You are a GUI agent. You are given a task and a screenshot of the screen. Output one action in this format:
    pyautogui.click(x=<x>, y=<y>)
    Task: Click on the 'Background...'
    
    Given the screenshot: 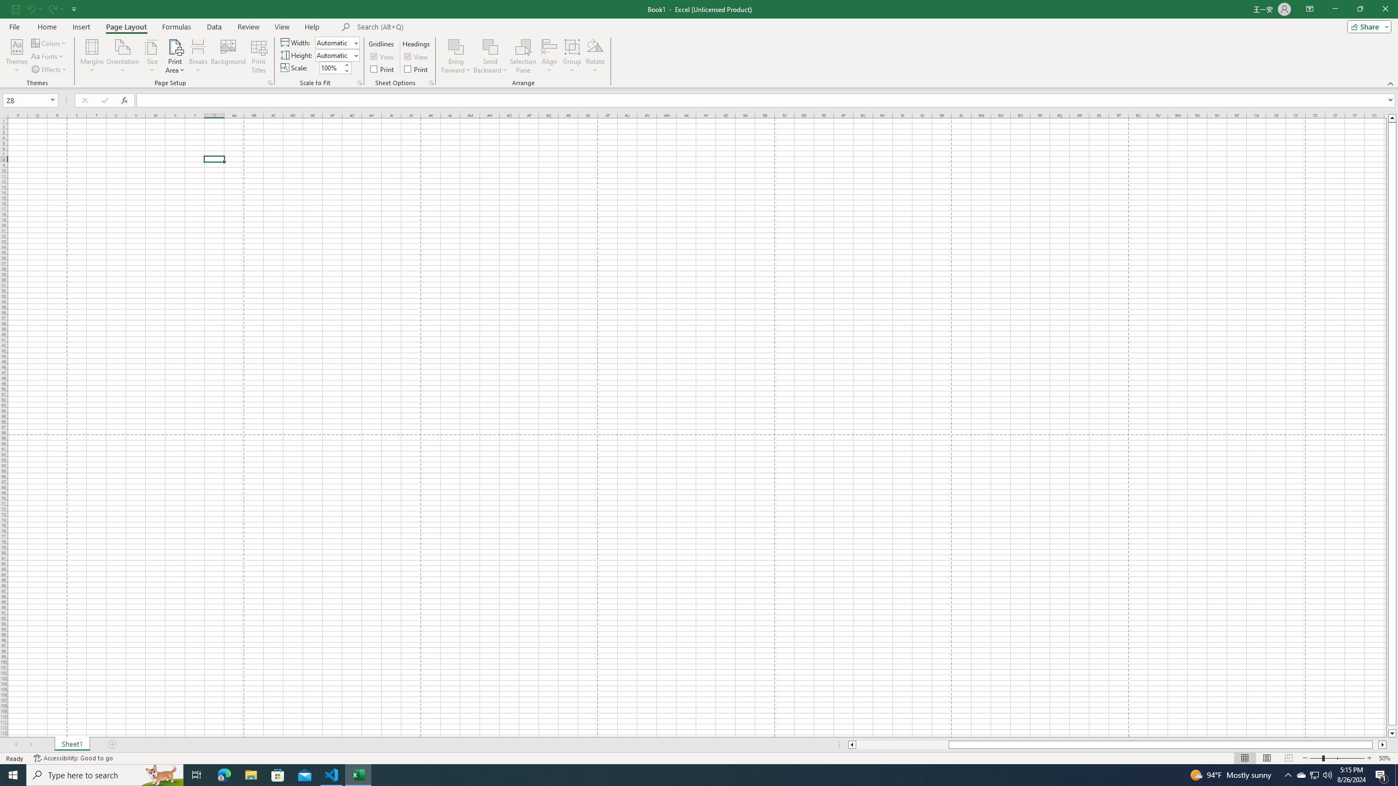 What is the action you would take?
    pyautogui.click(x=228, y=56)
    